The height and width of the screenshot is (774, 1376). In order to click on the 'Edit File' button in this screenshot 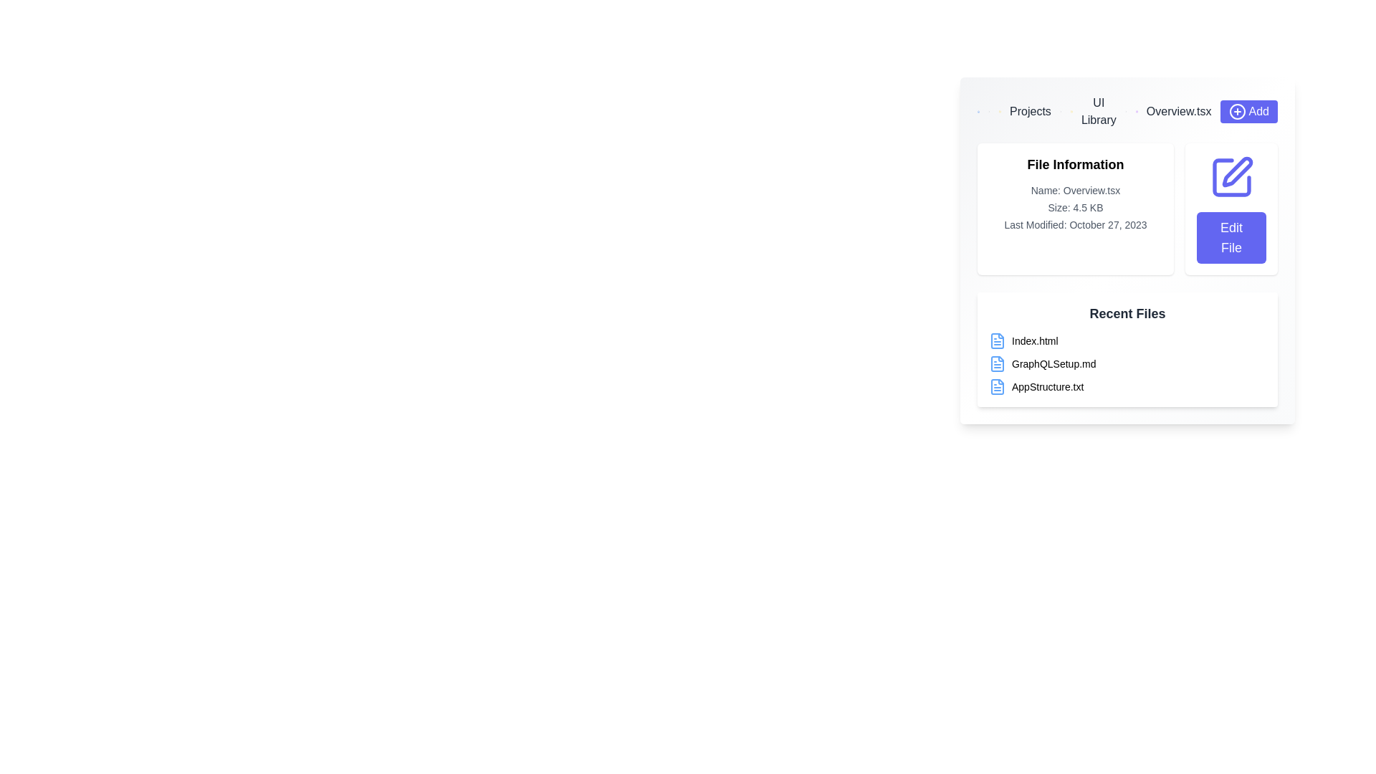, I will do `click(1231, 209)`.